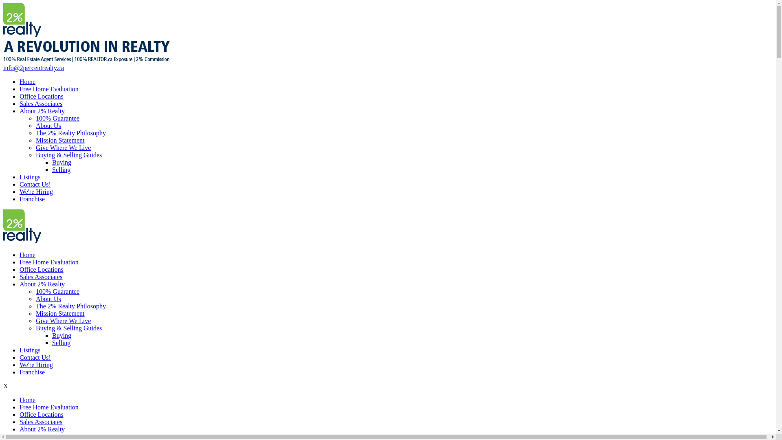 This screenshot has height=440, width=782. I want to click on '100% Guarantee', so click(35, 291).